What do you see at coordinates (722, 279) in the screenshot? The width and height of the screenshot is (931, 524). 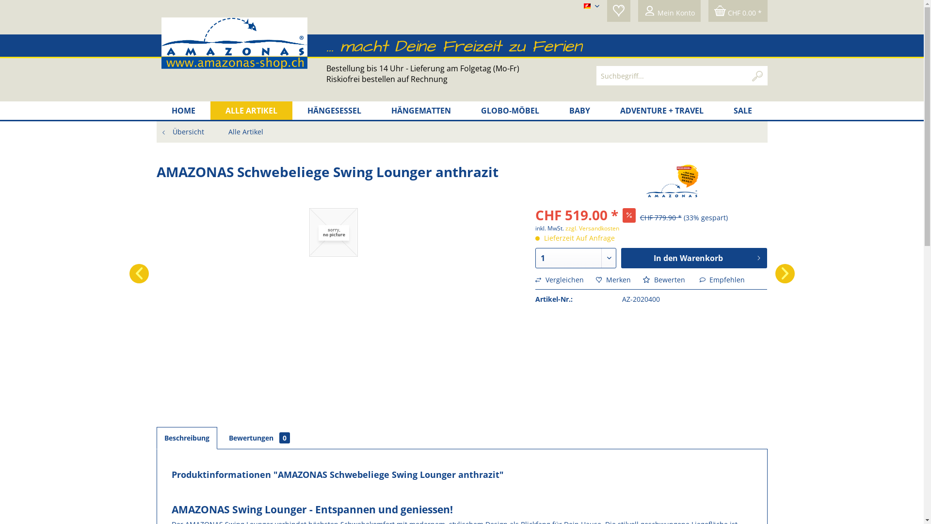 I see `'Empfehlen'` at bounding box center [722, 279].